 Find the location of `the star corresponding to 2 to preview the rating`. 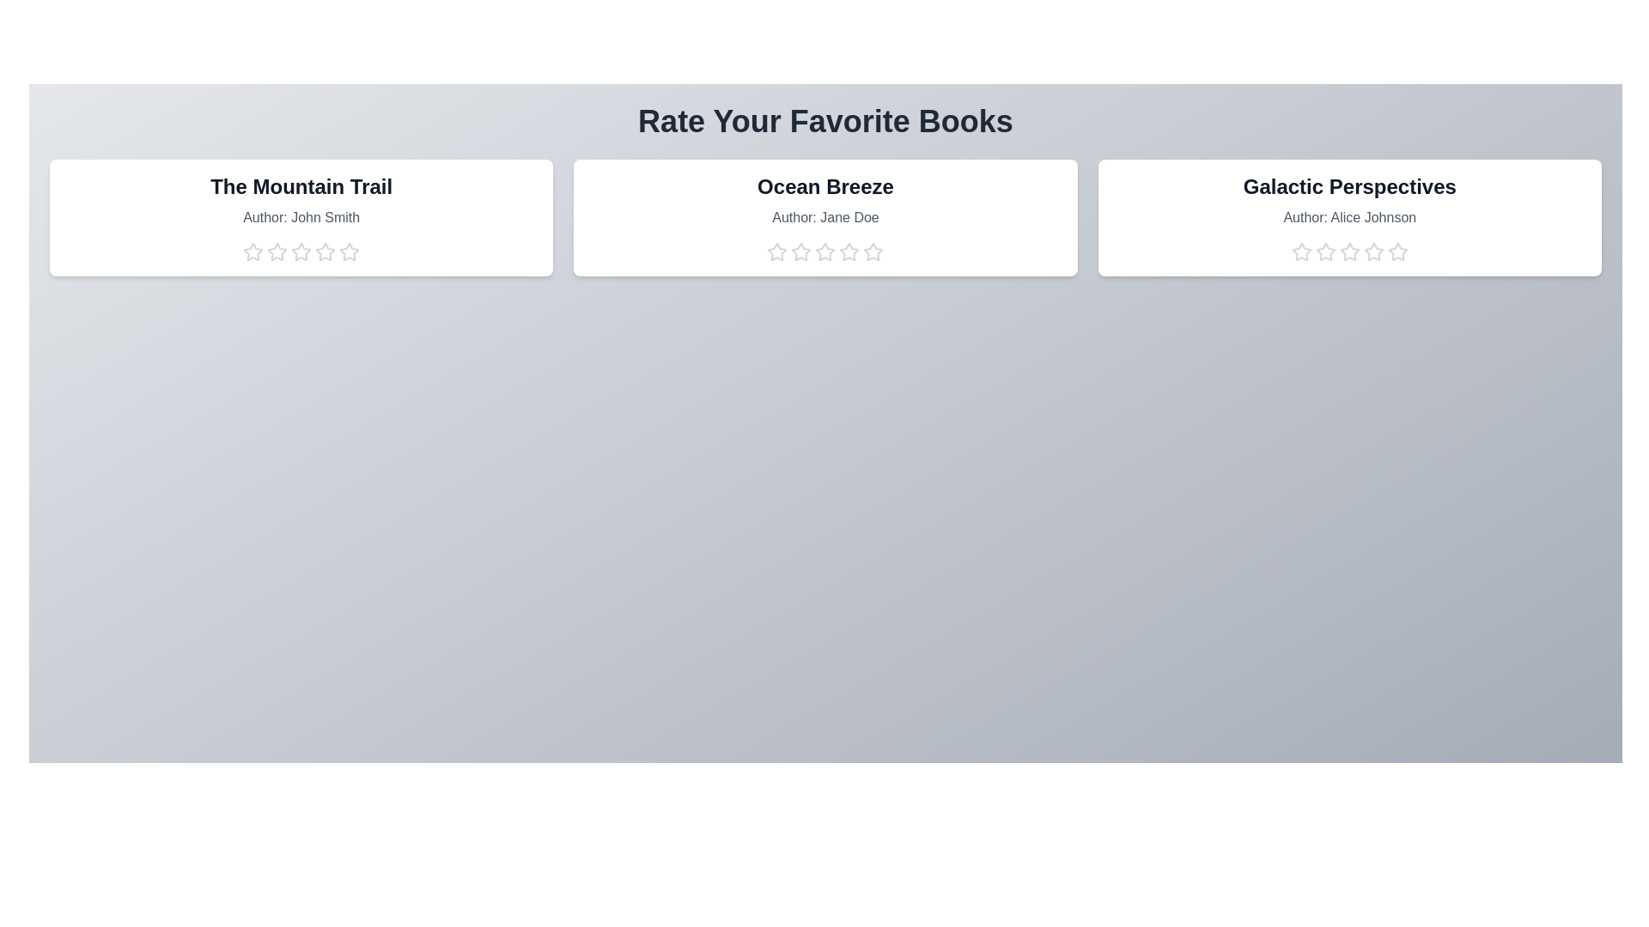

the star corresponding to 2 to preview the rating is located at coordinates (277, 251).